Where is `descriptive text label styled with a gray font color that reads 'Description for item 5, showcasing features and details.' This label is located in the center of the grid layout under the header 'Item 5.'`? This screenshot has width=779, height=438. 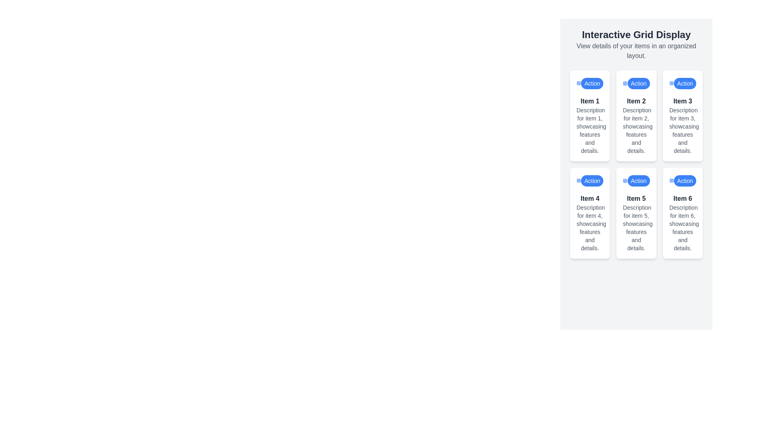
descriptive text label styled with a gray font color that reads 'Description for item 5, showcasing features and details.' This label is located in the center of the grid layout under the header 'Item 5.' is located at coordinates (636, 228).